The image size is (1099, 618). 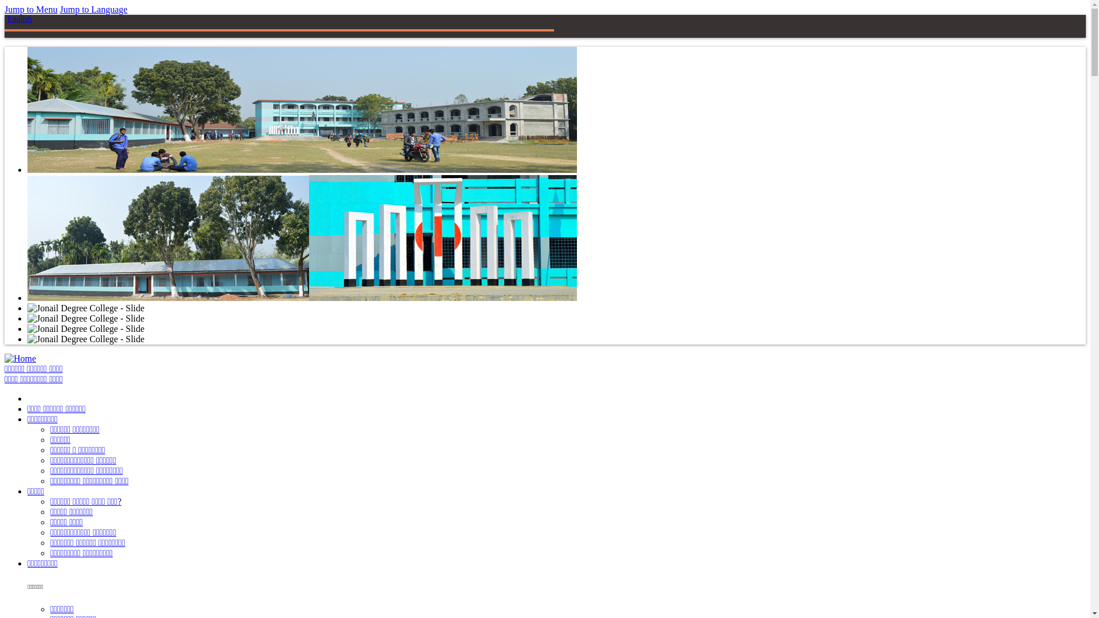 I want to click on 'English', so click(x=19, y=19).